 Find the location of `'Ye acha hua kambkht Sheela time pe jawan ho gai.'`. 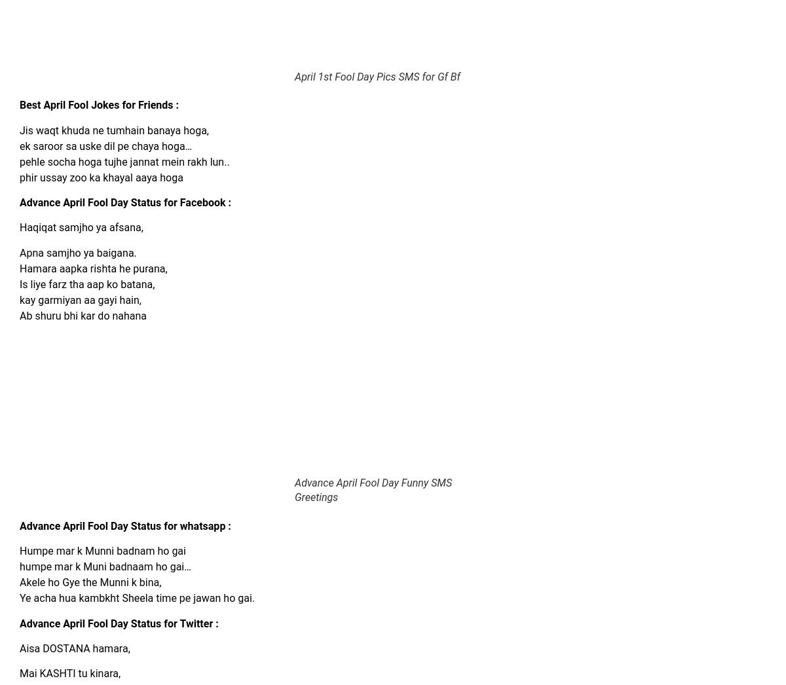

'Ye acha hua kambkht Sheela time pe jawan ho gai.' is located at coordinates (136, 598).